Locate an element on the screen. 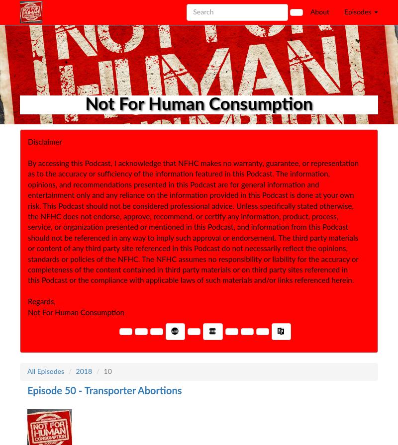  'Disclaimer' is located at coordinates (45, 142).